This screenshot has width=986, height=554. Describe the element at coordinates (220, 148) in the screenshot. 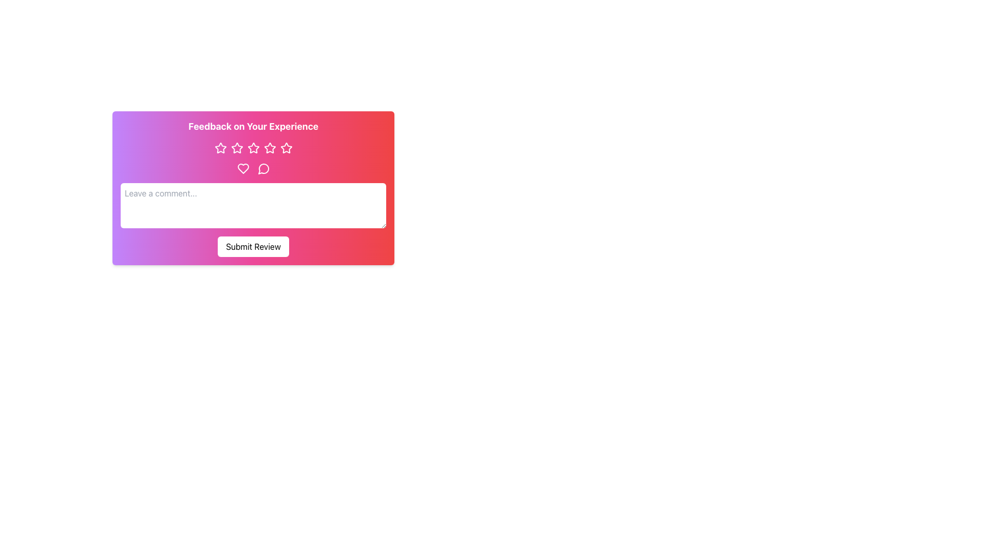

I see `the visual state of the first Rating Star Icon in the feedback modal to assess its rating by hovering over it` at that location.